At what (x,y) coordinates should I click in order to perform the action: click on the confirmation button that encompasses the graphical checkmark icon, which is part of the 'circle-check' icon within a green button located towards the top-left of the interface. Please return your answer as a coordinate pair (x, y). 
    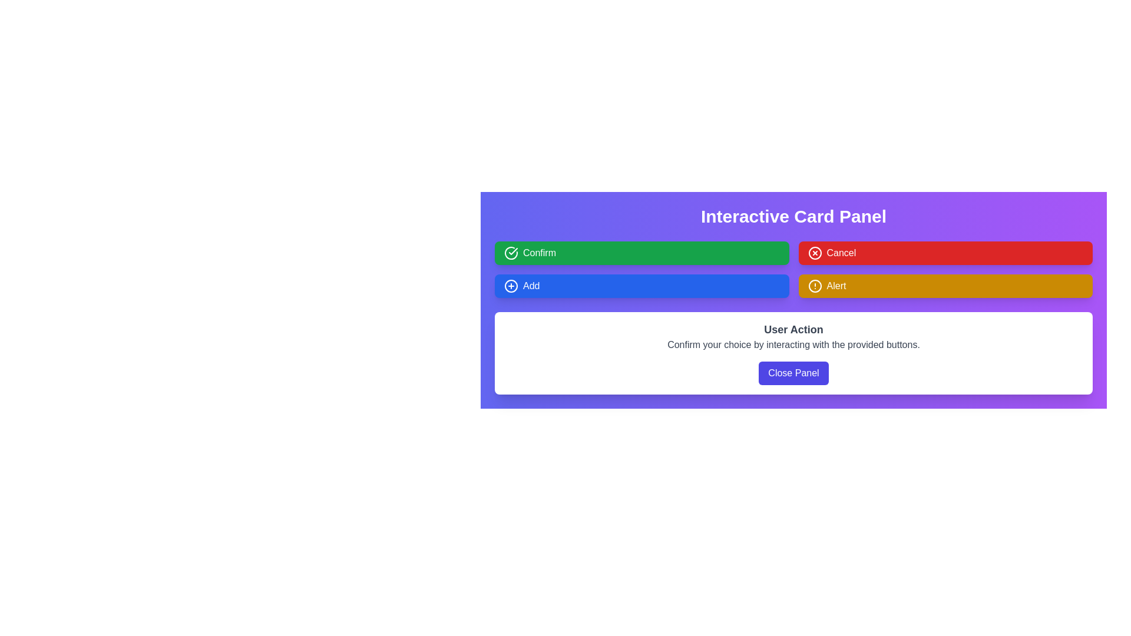
    Looking at the image, I should click on (513, 251).